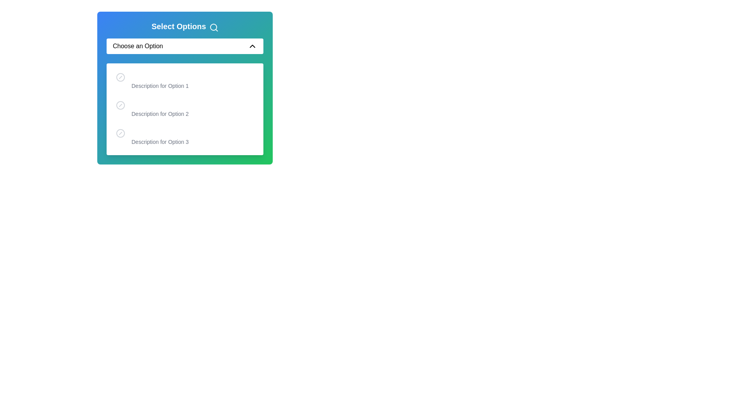 The image size is (747, 420). What do you see at coordinates (160, 109) in the screenshot?
I see `description of the second selectable item in the dropdown menu located below the heading 'Select Options'` at bounding box center [160, 109].